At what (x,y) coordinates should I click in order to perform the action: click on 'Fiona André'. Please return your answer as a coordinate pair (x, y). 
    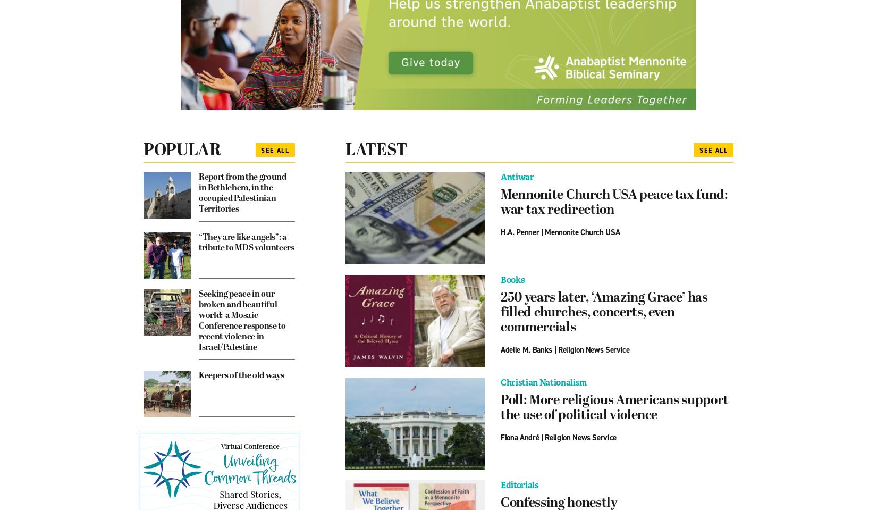
    Looking at the image, I should click on (519, 437).